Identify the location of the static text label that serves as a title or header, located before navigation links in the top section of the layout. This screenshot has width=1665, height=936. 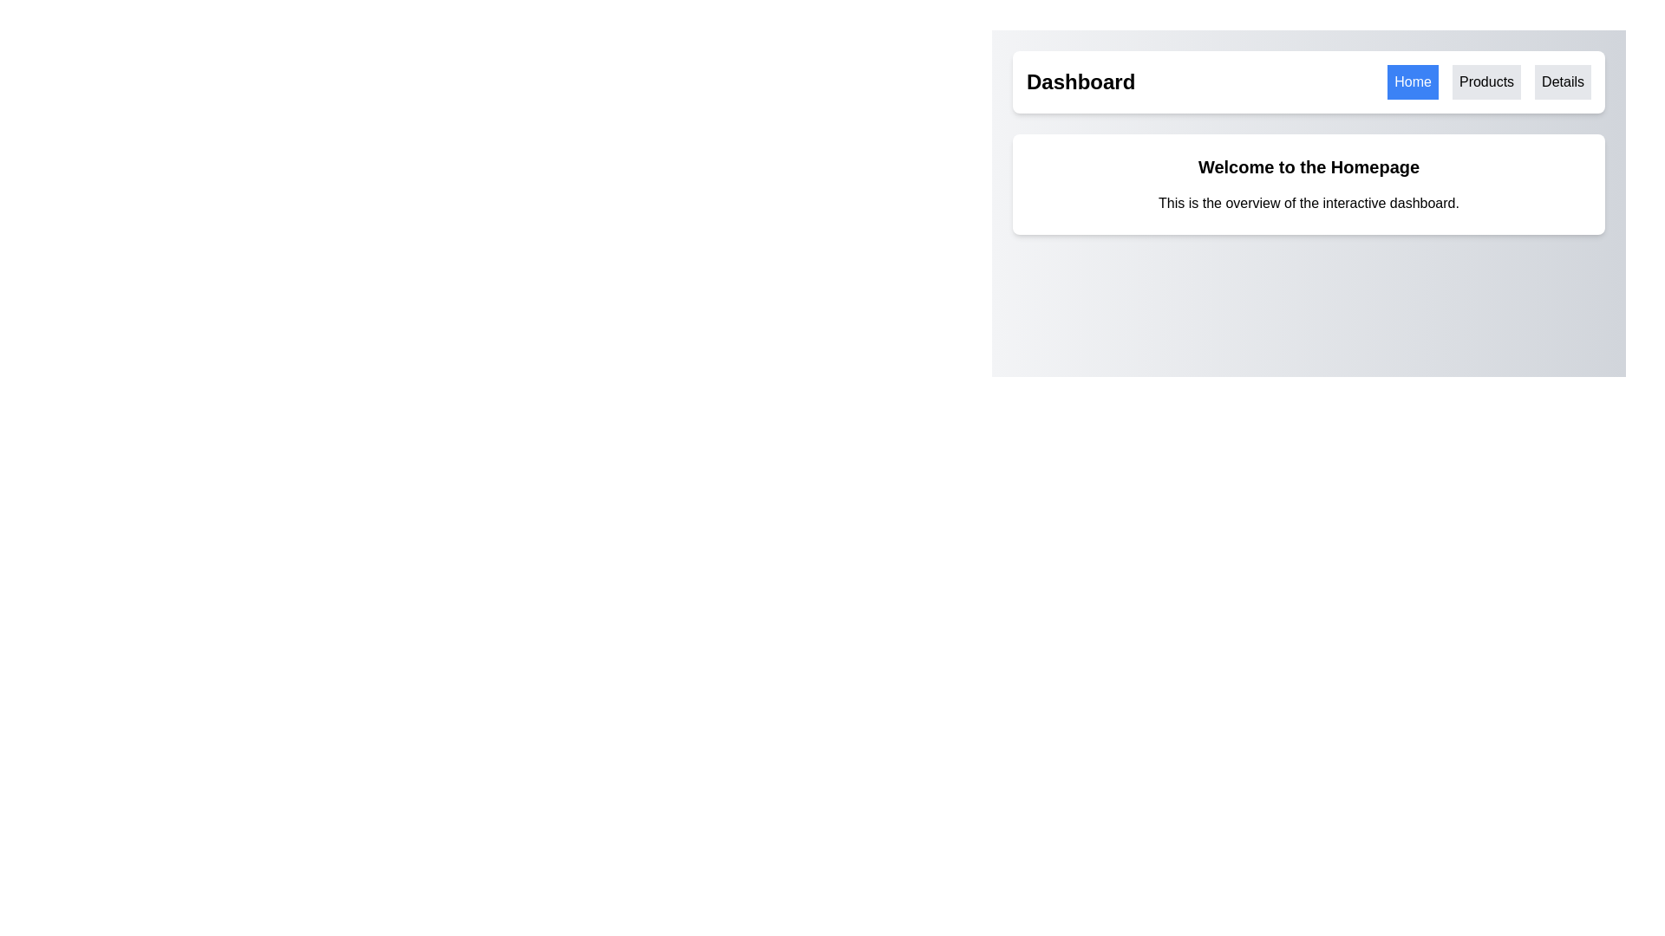
(1080, 82).